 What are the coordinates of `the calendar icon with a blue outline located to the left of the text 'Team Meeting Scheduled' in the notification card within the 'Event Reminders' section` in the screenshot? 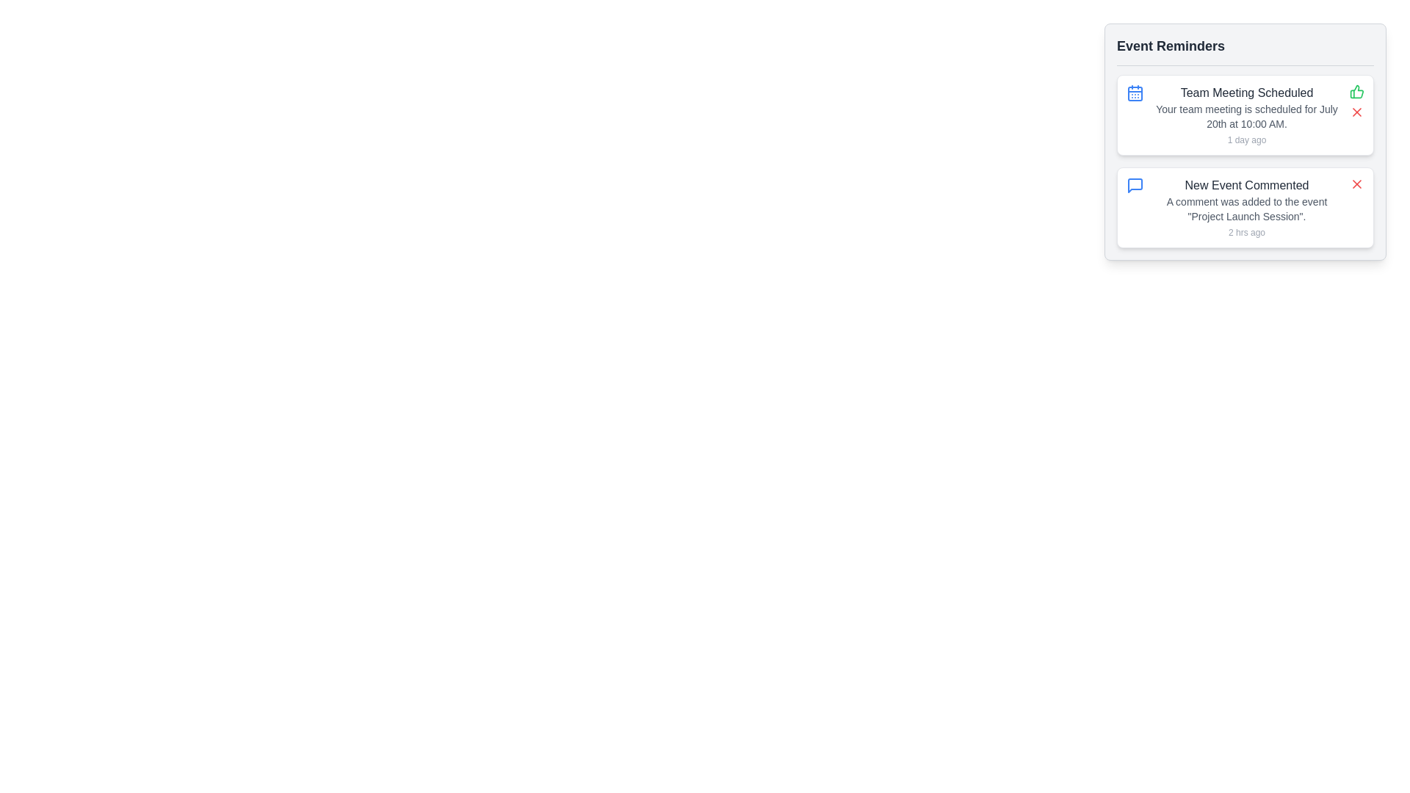 It's located at (1134, 93).